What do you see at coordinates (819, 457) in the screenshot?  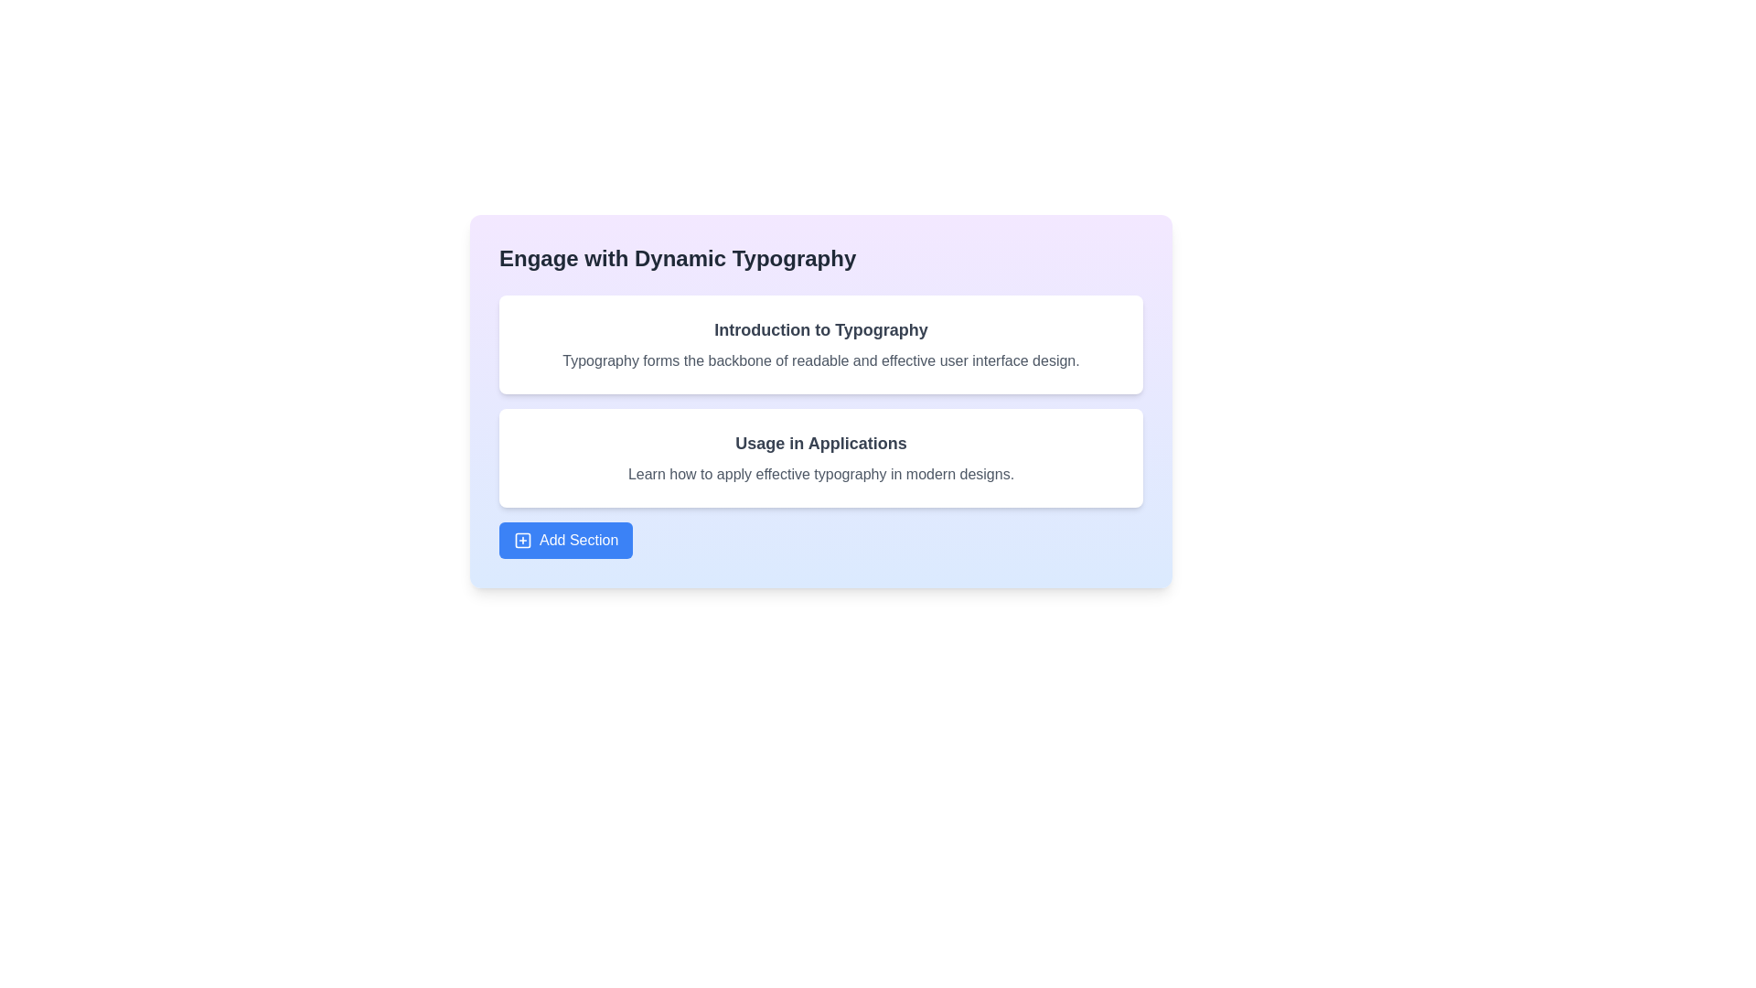 I see `the second informational card about typography in the 'Engage with Dynamic Typography' section` at bounding box center [819, 457].